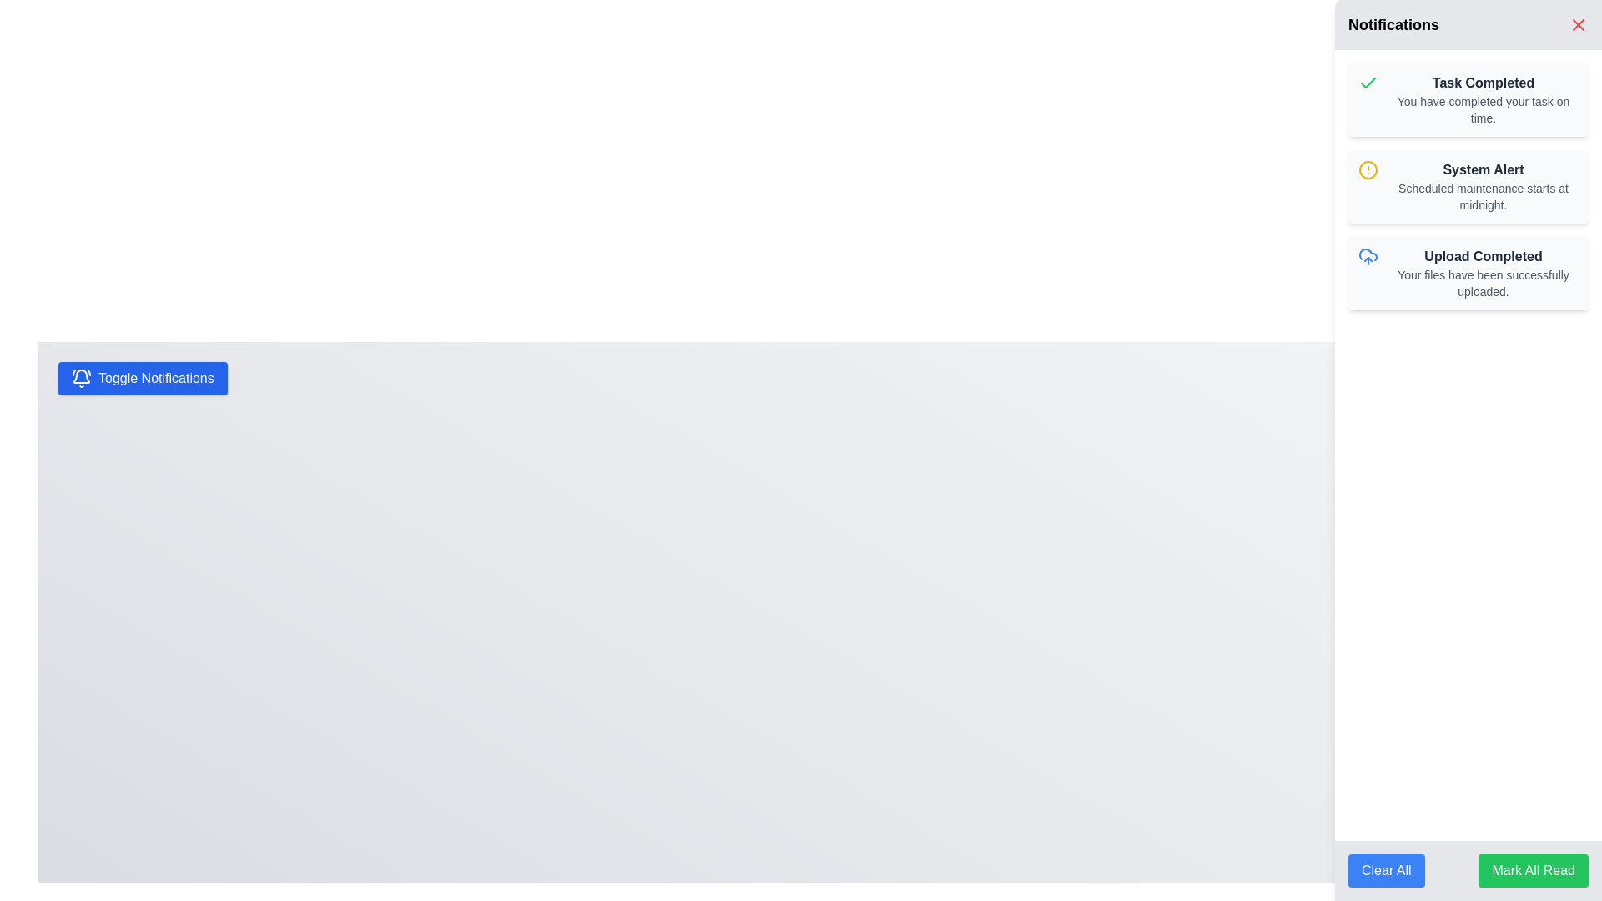  I want to click on the icon located adjacent to the text 'Task Completed' in the first notification item to signify a successful operation, so click(1368, 83).